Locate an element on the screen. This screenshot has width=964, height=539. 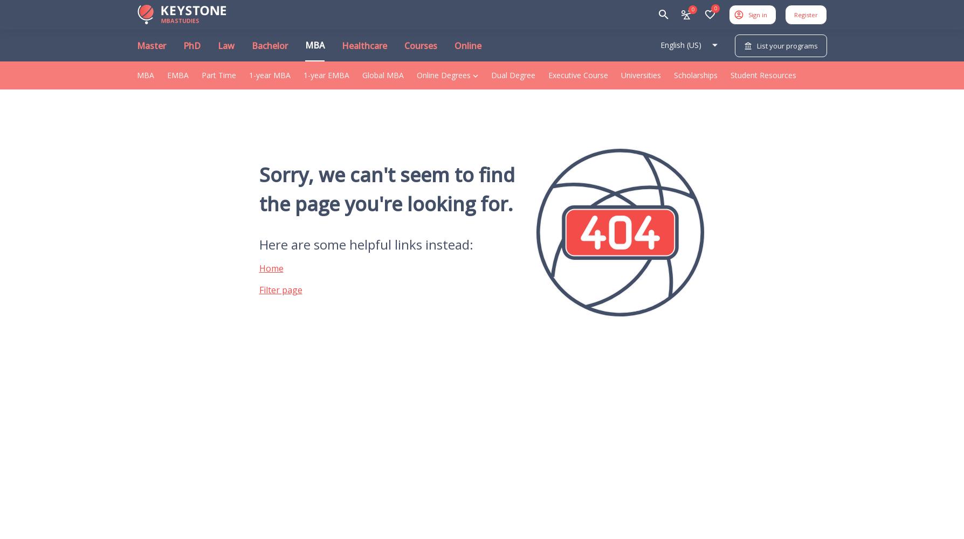
'Sorry, we can't seem to find the page you're looking for.' is located at coordinates (385, 188).